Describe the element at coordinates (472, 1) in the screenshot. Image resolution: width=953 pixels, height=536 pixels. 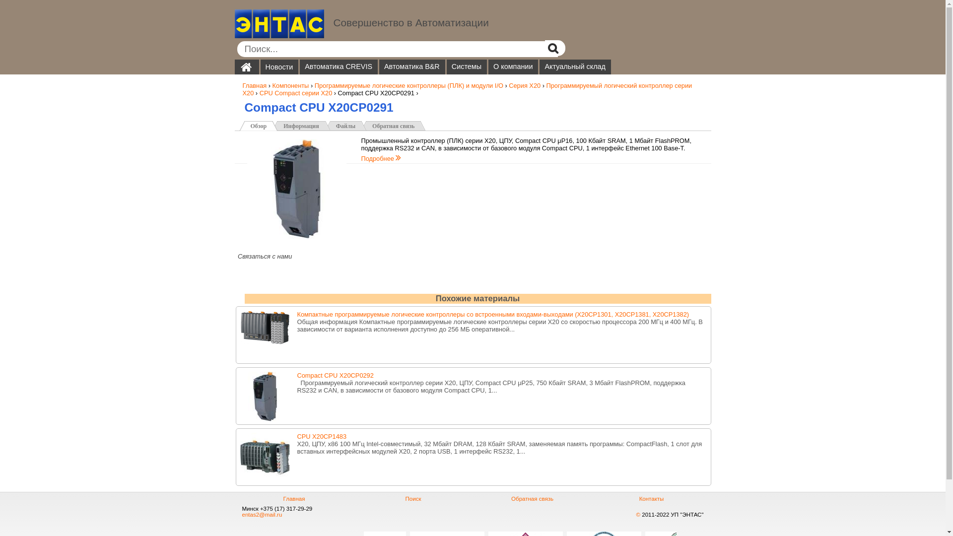
I see `'Jump to navigation'` at that location.